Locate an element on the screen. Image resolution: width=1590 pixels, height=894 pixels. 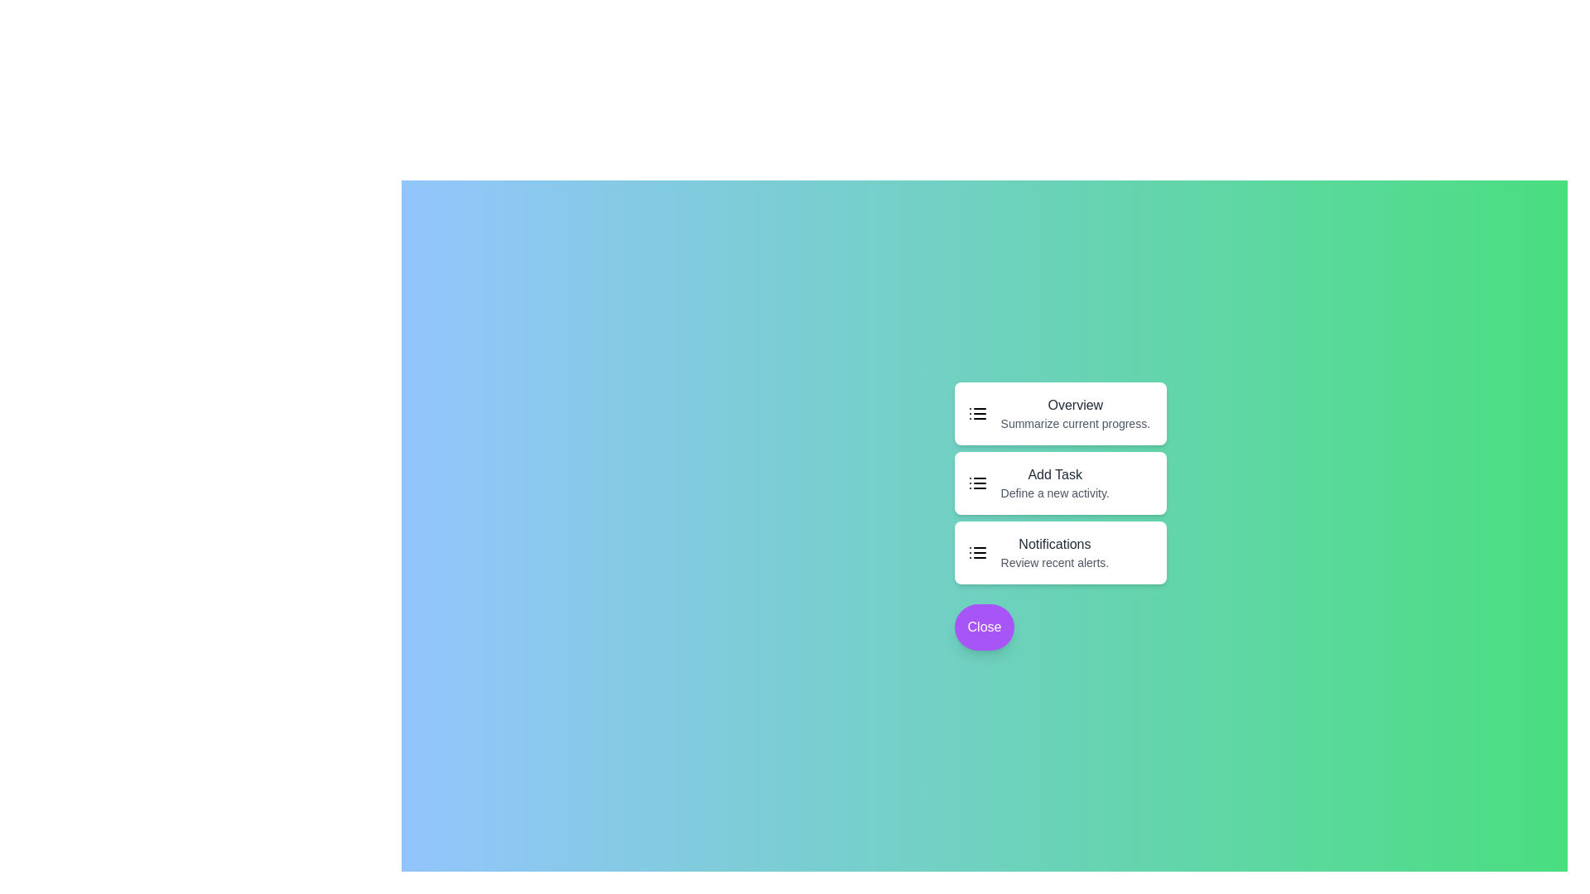
the 'Notifications' task option to review recent alerts is located at coordinates (1060, 552).